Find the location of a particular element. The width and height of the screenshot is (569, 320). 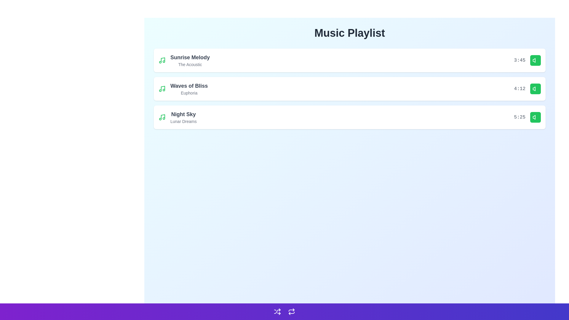

the text label displaying 'Euphoria', which is positioned directly below the title 'Waves of Bliss' in the music playlist interface is located at coordinates (189, 93).